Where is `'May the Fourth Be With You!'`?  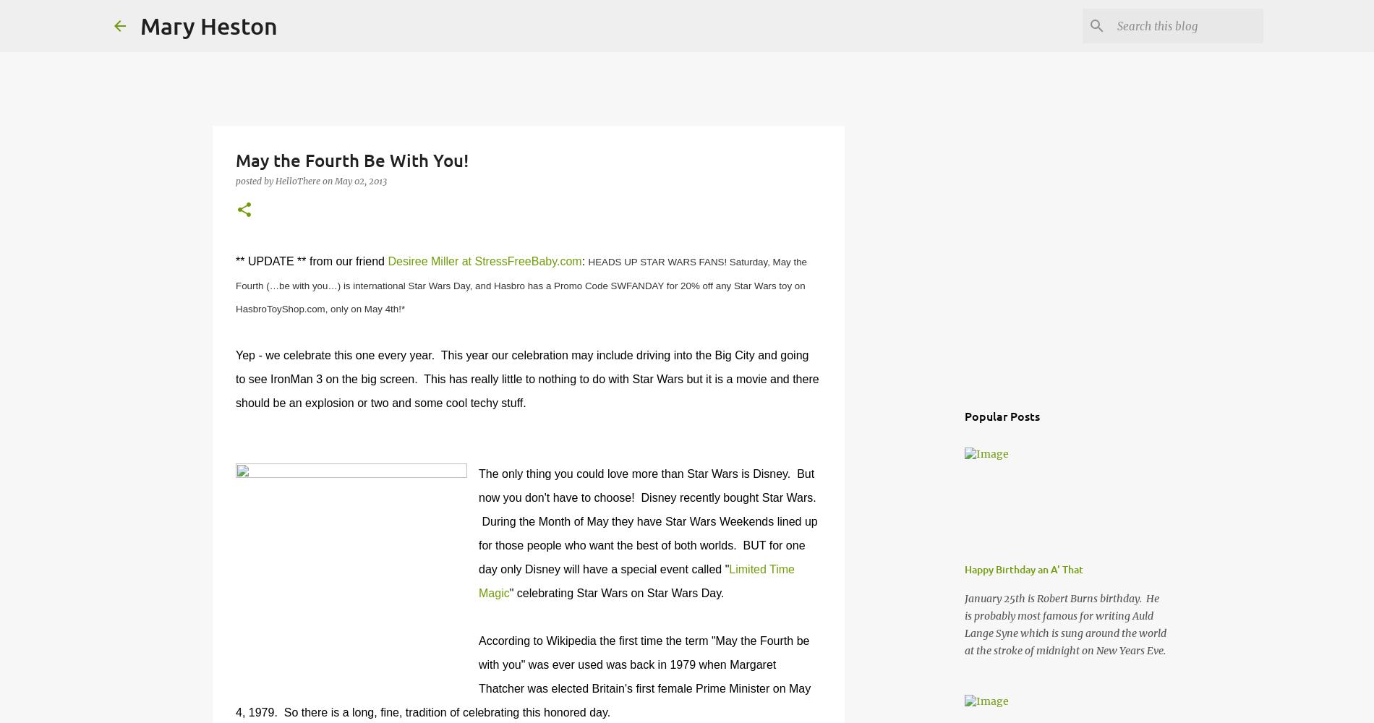
'May the Fourth Be With You!' is located at coordinates (235, 159).